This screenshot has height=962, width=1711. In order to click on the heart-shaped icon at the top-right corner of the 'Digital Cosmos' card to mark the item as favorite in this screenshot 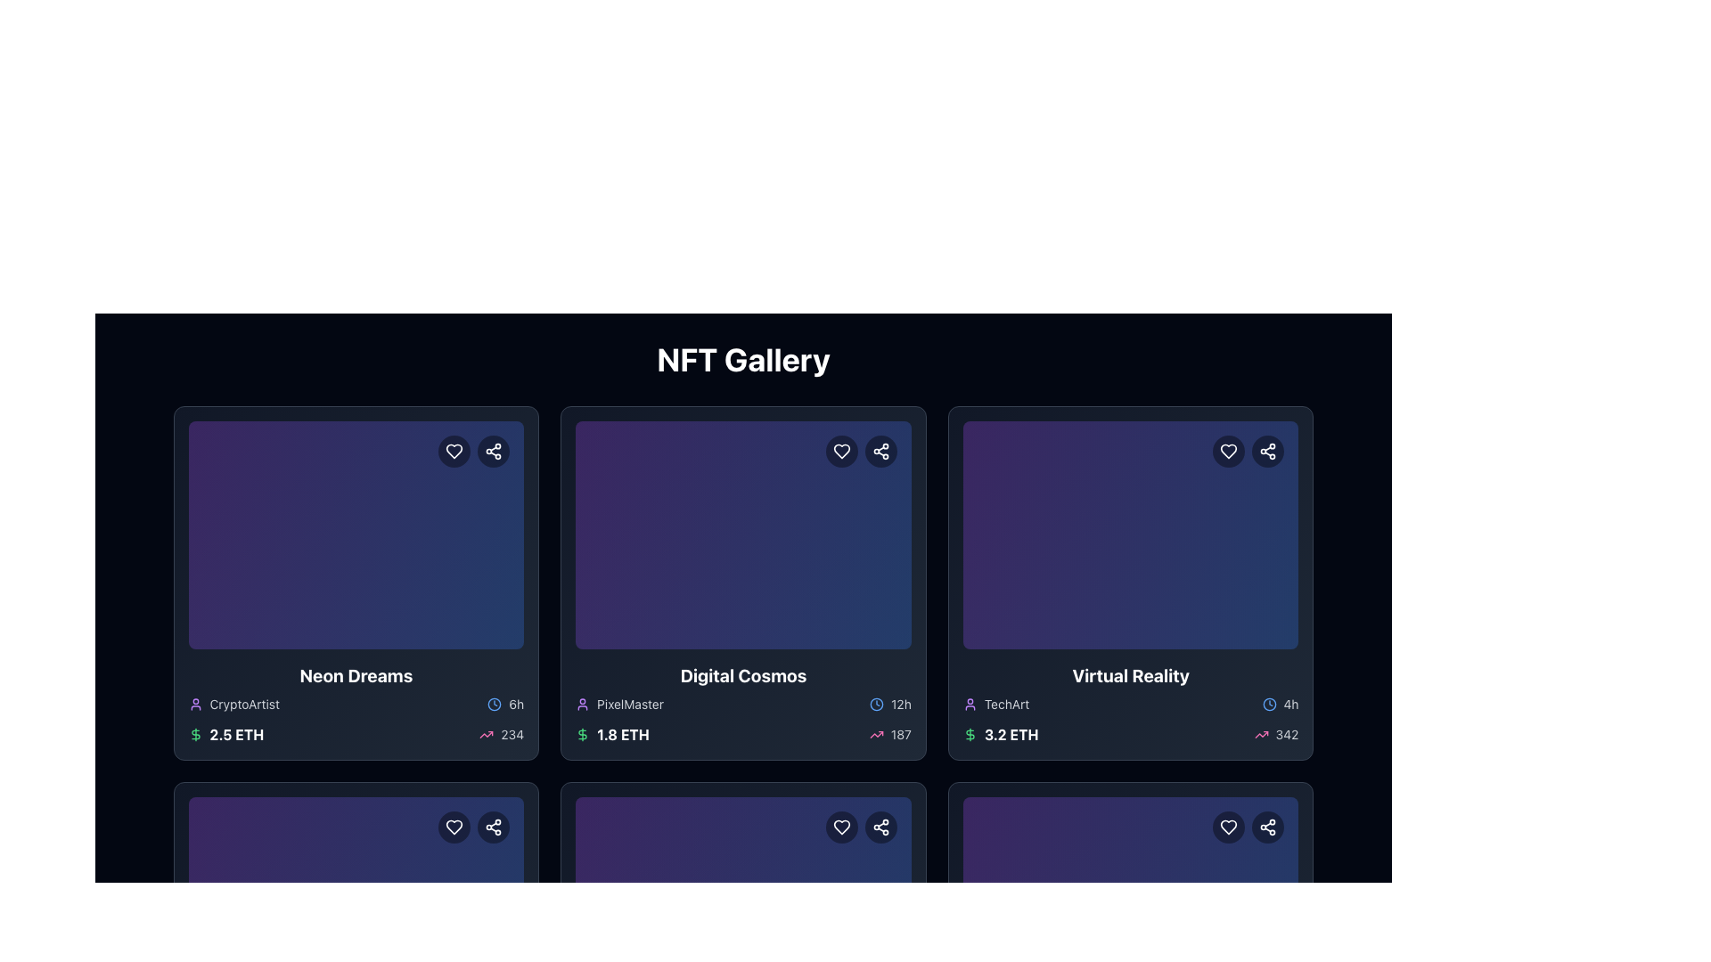, I will do `click(840, 827)`.